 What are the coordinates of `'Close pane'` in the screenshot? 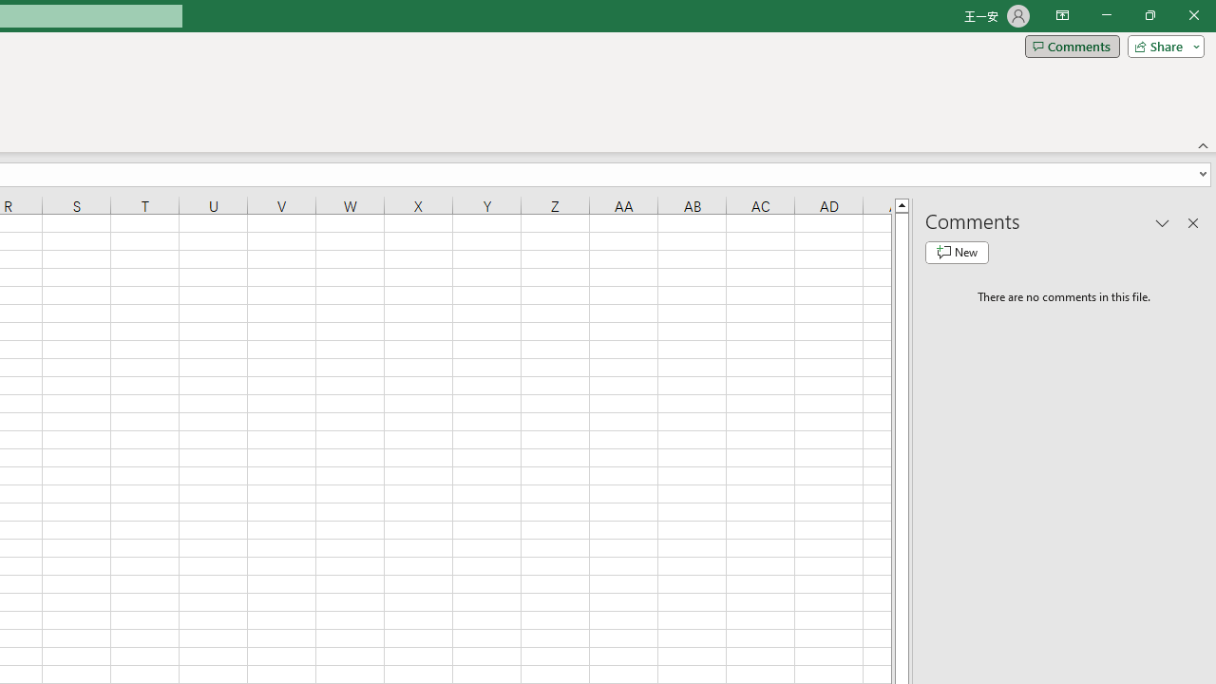 It's located at (1192, 222).